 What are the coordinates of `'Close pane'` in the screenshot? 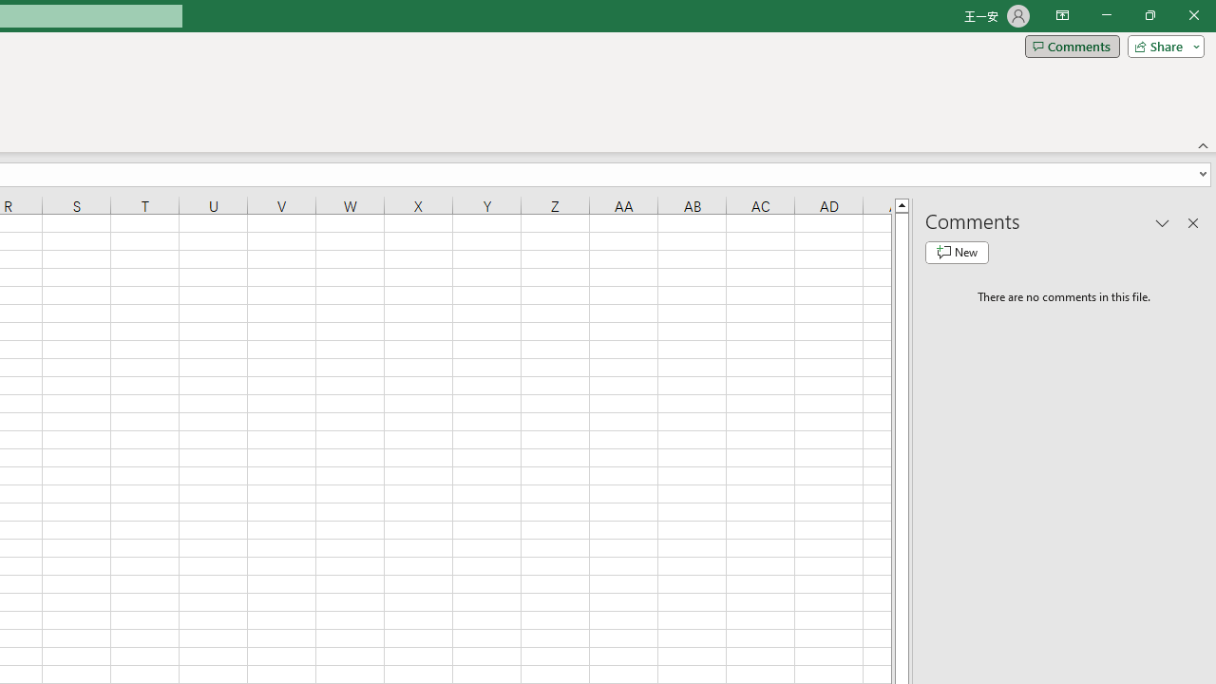 It's located at (1192, 222).